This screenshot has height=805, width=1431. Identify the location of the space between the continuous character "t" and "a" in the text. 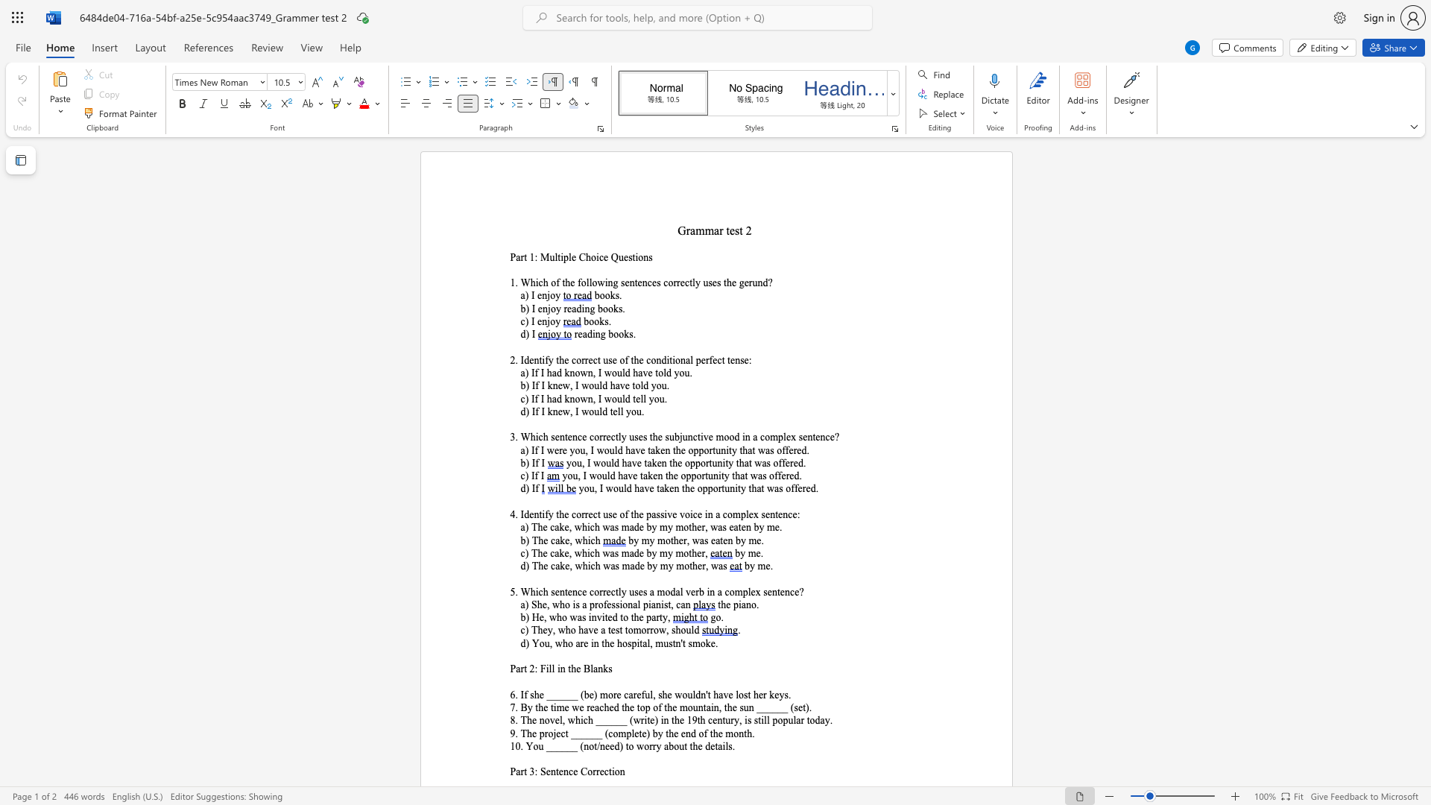
(642, 643).